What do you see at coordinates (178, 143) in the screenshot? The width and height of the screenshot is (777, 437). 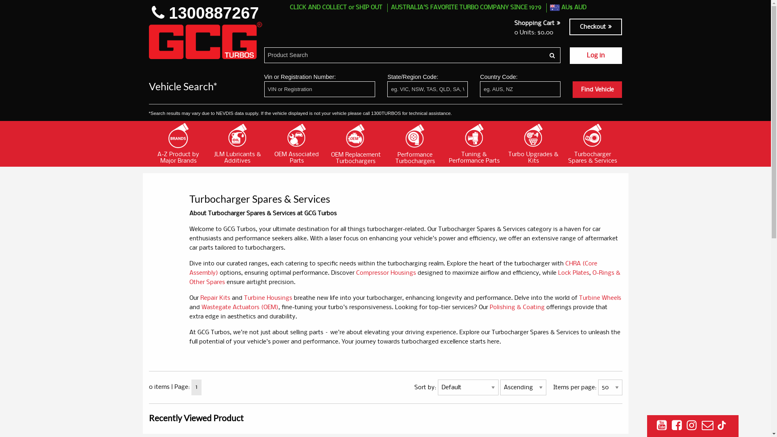 I see `'A-Z Product by Major Brands'` at bounding box center [178, 143].